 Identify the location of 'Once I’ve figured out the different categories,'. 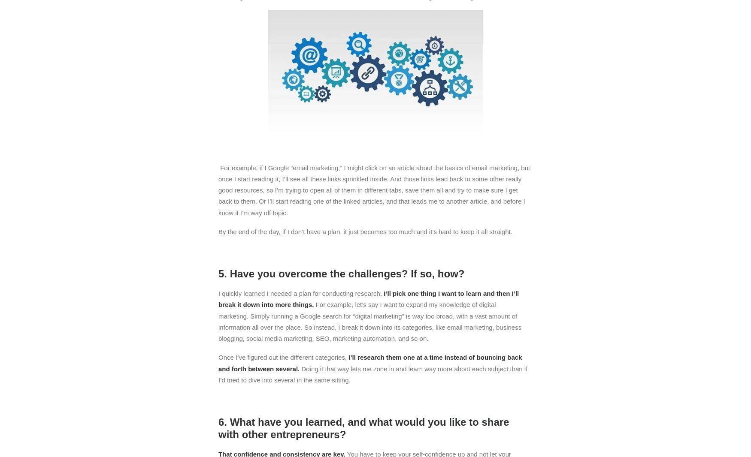
(218, 357).